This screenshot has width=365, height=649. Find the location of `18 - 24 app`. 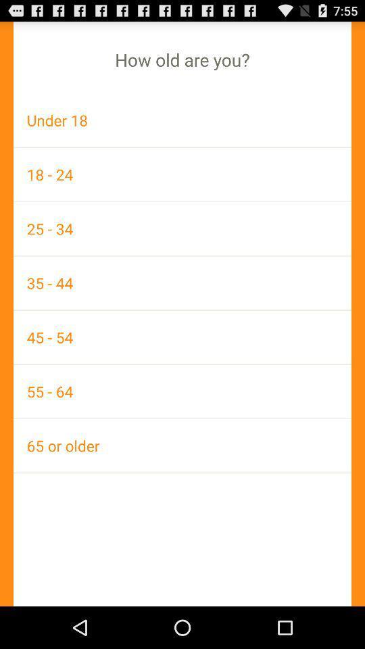

18 - 24 app is located at coordinates (182, 174).